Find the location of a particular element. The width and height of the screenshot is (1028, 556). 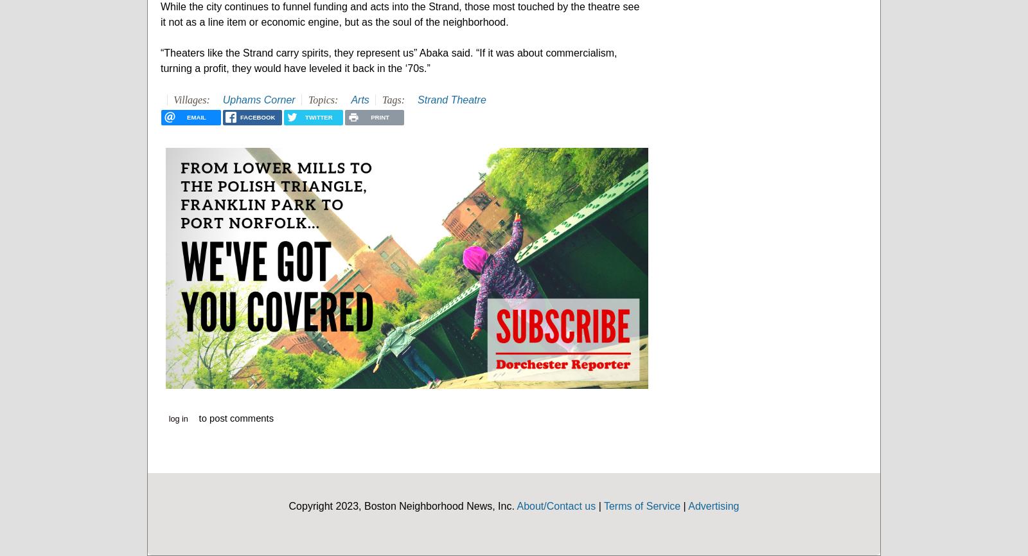

'Villages:' is located at coordinates (173, 98).